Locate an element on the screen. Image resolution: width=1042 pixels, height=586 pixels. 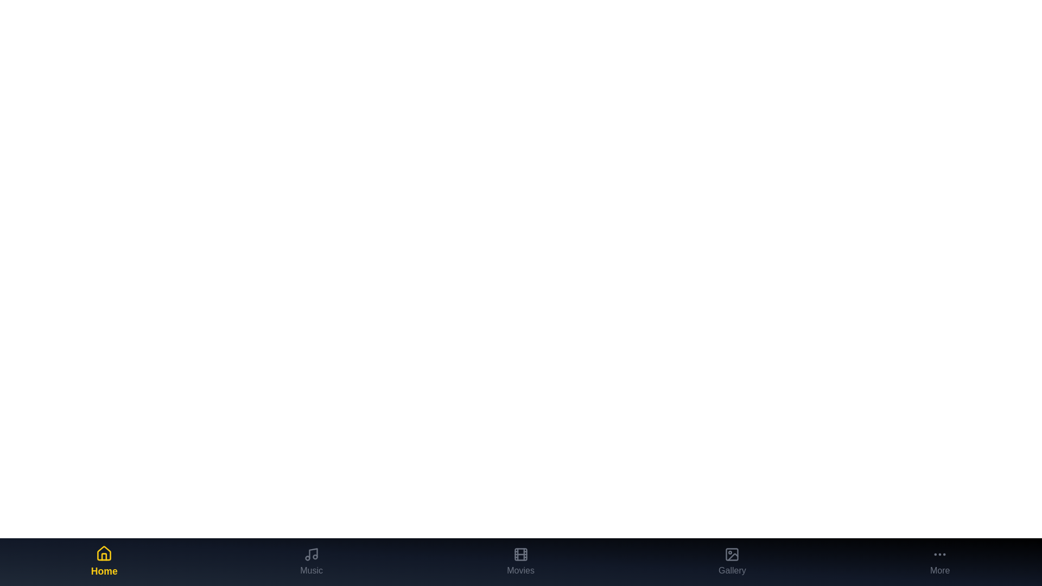
the Music tab in the bottom navigation bar is located at coordinates (311, 562).